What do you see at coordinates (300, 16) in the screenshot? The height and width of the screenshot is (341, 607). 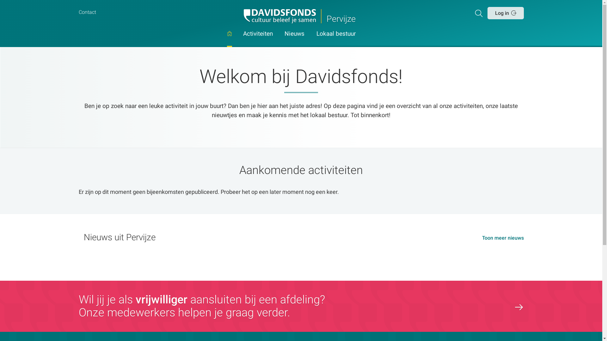 I see `'Pervijze'` at bounding box center [300, 16].